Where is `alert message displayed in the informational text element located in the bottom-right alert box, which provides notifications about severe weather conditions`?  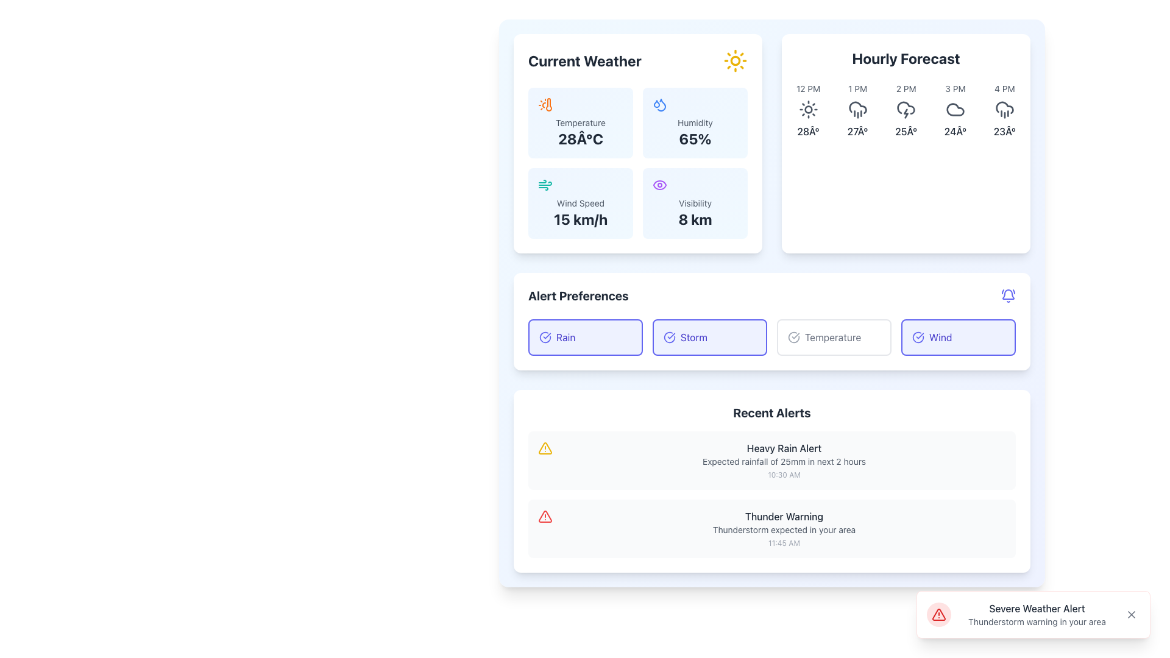
alert message displayed in the informational text element located in the bottom-right alert box, which provides notifications about severe weather conditions is located at coordinates (1037, 615).